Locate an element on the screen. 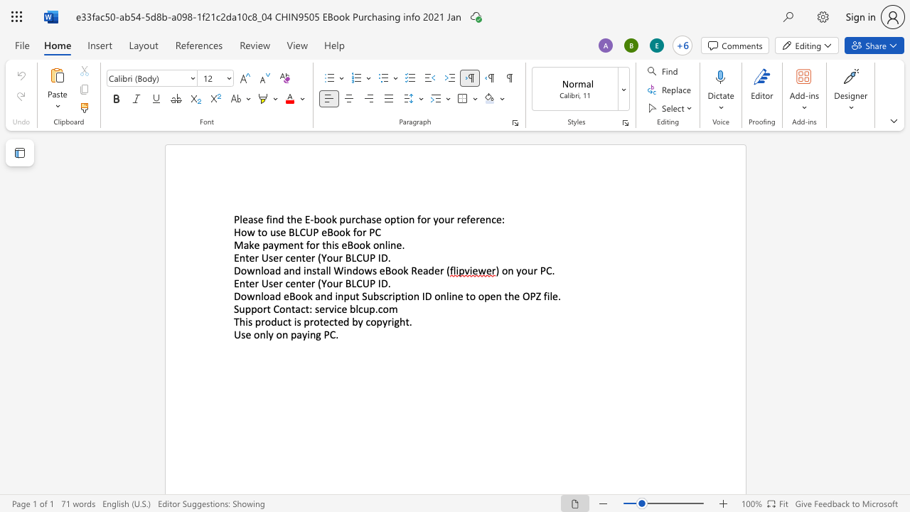 This screenshot has height=512, width=910. the 2th character "n" in the text is located at coordinates (382, 244).